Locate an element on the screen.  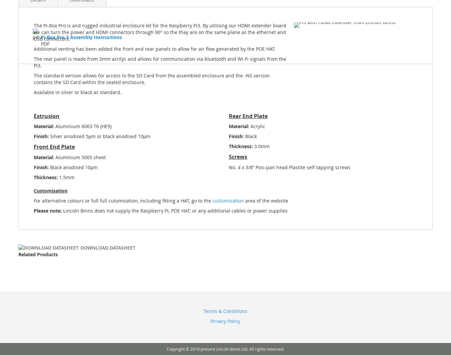
'Lincoln Binns does not supply the Raspberry Pi, POE HAT, or any additional cables or power supplies' is located at coordinates (174, 211).